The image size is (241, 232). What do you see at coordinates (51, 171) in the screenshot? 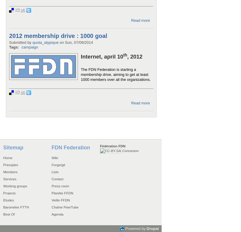
I see `'Lists'` at bounding box center [51, 171].